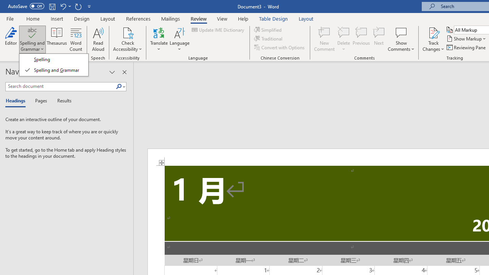 This screenshot has width=489, height=275. Describe the element at coordinates (179, 39) in the screenshot. I see `'Language'` at that location.